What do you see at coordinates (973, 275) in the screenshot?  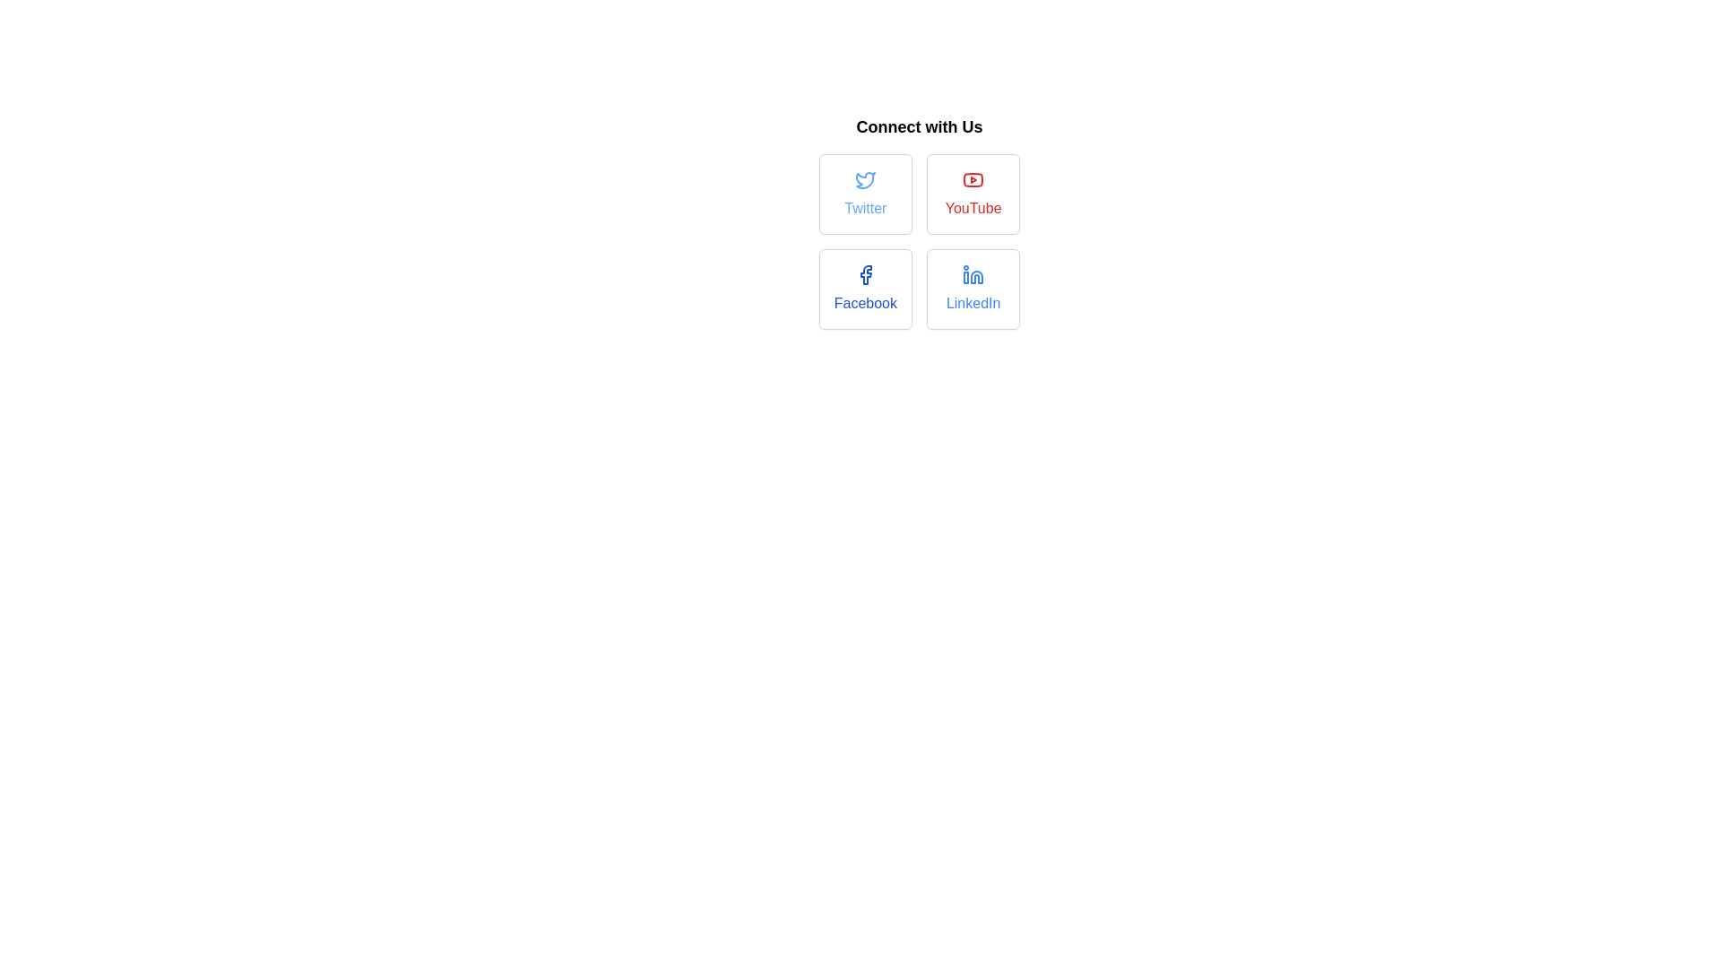 I see `the LinkedIn icon located in the bottom-right corner of the grid under the label 'Connect with Us'` at bounding box center [973, 275].